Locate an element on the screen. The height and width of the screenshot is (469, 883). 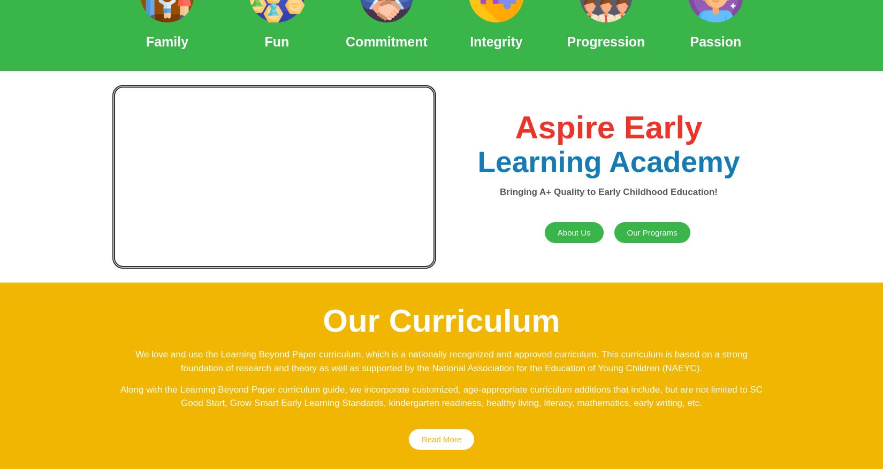
'Bringing A+ Quality to Early Childhood Education!' is located at coordinates (608, 191).